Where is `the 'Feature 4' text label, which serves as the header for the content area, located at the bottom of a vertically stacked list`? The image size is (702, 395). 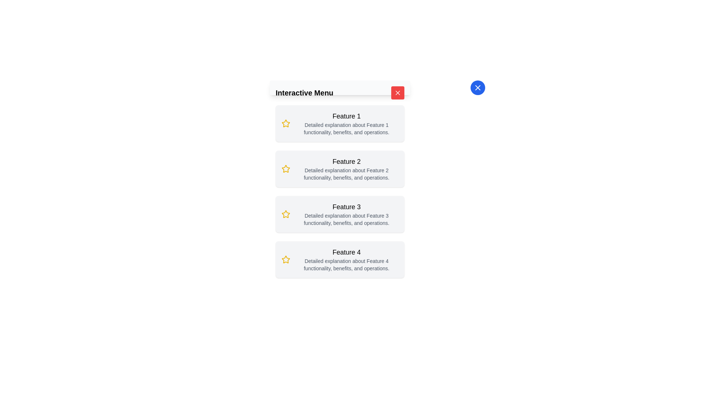
the 'Feature 4' text label, which serves as the header for the content area, located at the bottom of a vertically stacked list is located at coordinates (346, 252).